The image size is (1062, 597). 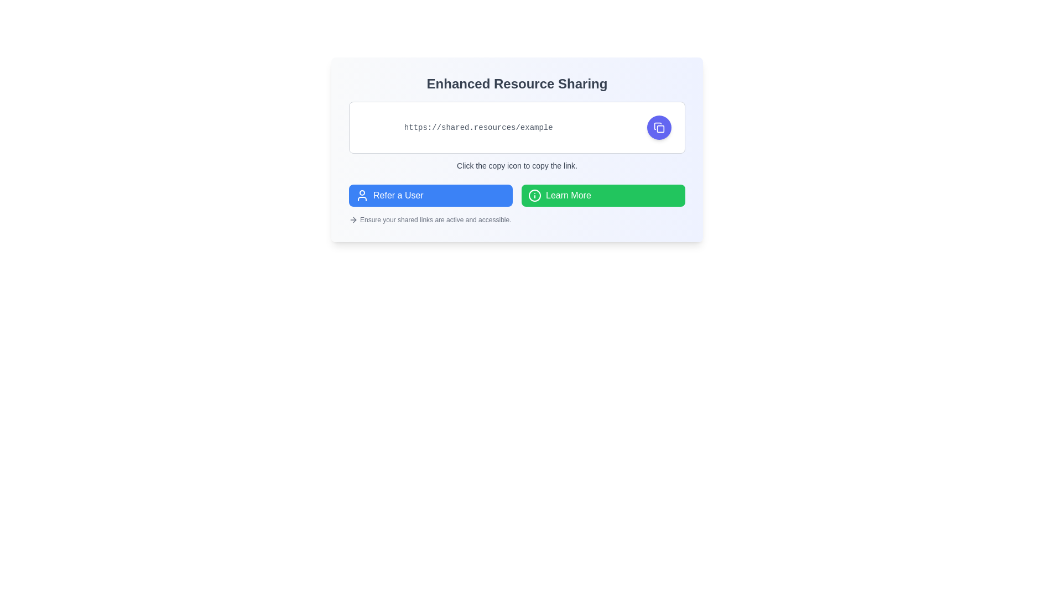 What do you see at coordinates (660, 128) in the screenshot?
I see `the Graphic SVG component that is part of the 'lucide-copy' icon located in the interface's toolbar on the far-right side next to the link sharing field` at bounding box center [660, 128].